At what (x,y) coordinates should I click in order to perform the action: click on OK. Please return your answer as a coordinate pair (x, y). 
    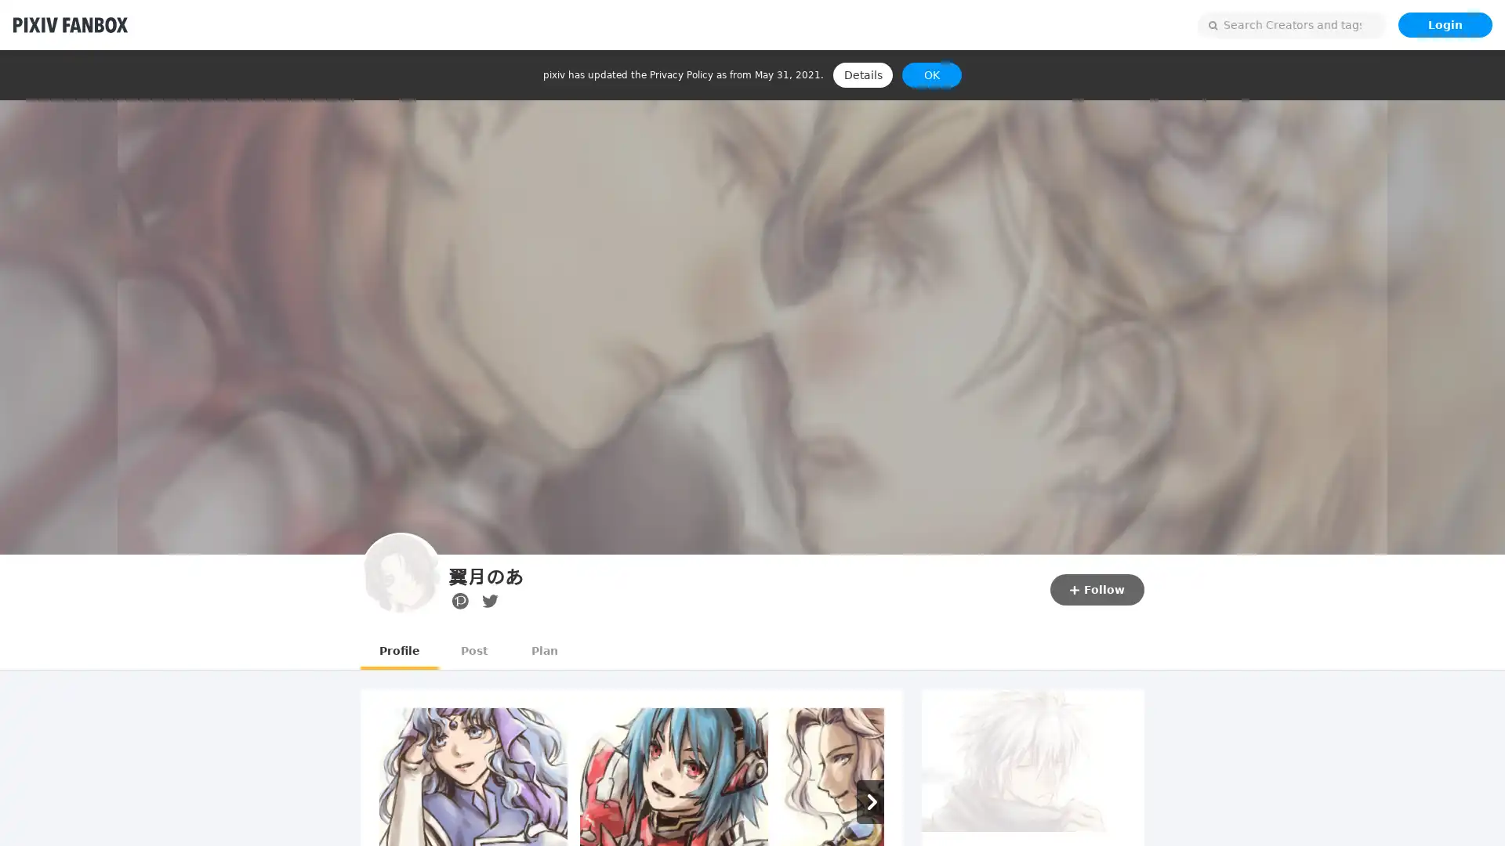
    Looking at the image, I should click on (932, 75).